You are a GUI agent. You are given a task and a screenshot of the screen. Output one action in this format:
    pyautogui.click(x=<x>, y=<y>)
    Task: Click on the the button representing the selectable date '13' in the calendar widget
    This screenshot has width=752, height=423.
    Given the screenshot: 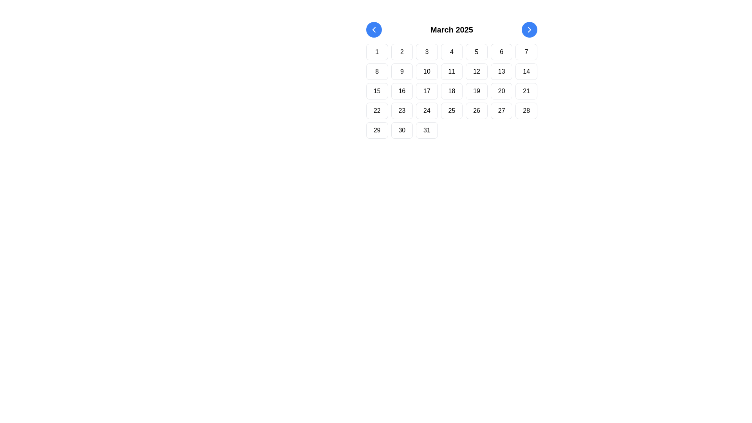 What is the action you would take?
    pyautogui.click(x=501, y=71)
    